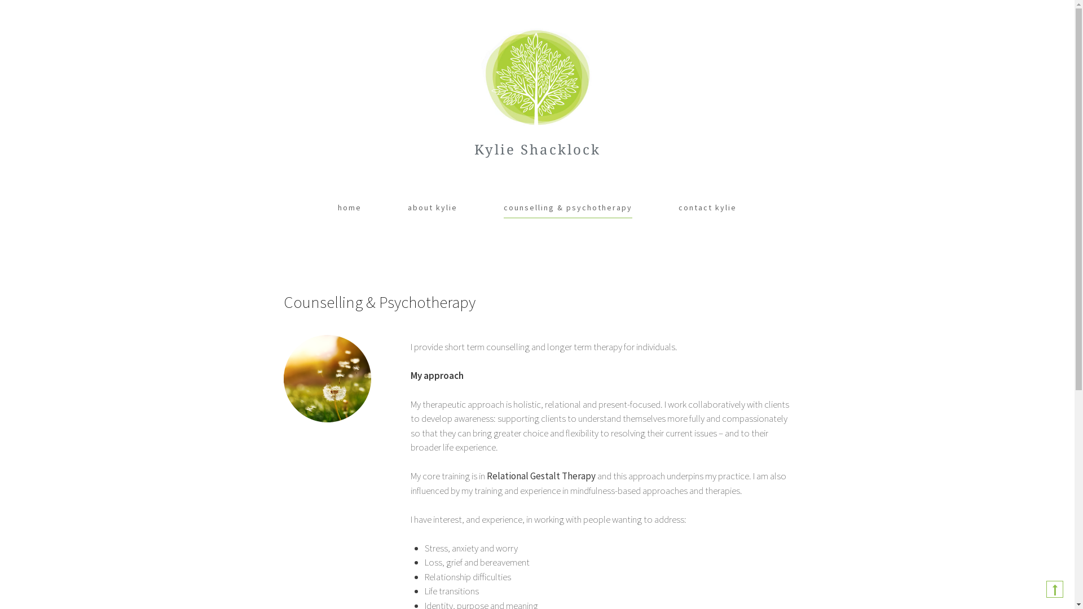 The width and height of the screenshot is (1083, 609). What do you see at coordinates (337, 208) in the screenshot?
I see `'home'` at bounding box center [337, 208].